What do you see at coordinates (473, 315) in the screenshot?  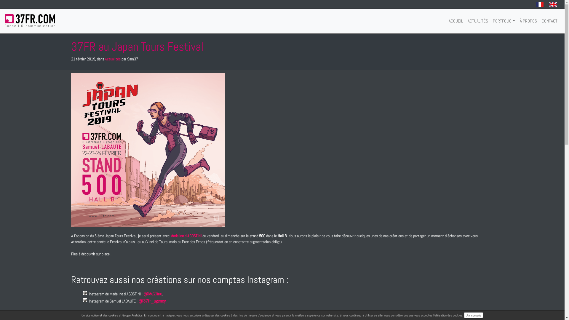 I see `'J'ai compris'` at bounding box center [473, 315].